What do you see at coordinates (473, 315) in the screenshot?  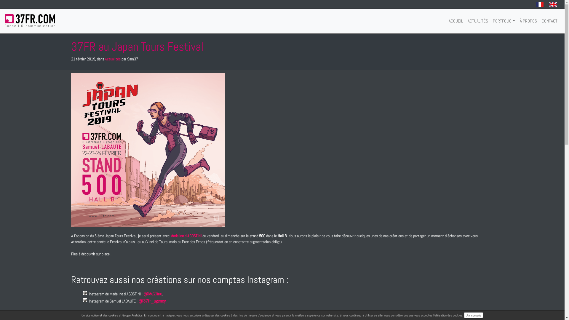 I see `'J'ai compris'` at bounding box center [473, 315].